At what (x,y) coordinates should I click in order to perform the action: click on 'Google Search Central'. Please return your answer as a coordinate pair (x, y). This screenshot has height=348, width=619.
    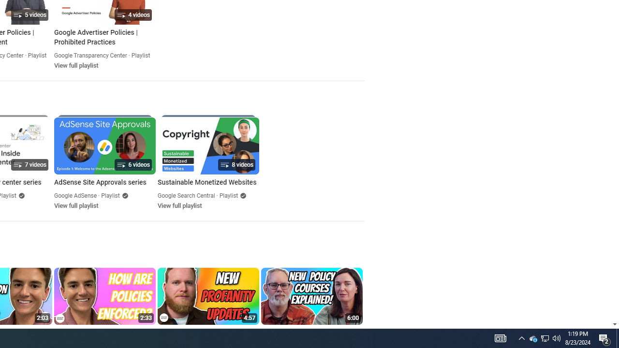
    Looking at the image, I should click on (186, 196).